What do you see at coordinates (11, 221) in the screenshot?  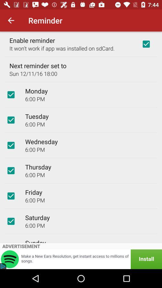 I see `day` at bounding box center [11, 221].